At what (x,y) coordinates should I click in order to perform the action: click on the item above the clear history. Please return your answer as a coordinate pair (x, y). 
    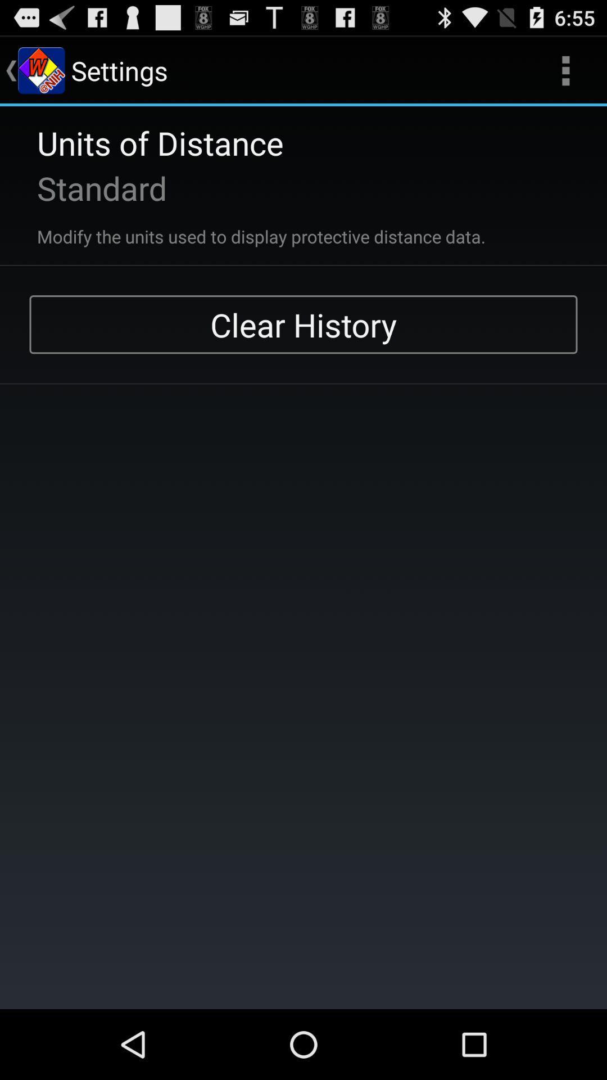
    Looking at the image, I should click on (565, 70).